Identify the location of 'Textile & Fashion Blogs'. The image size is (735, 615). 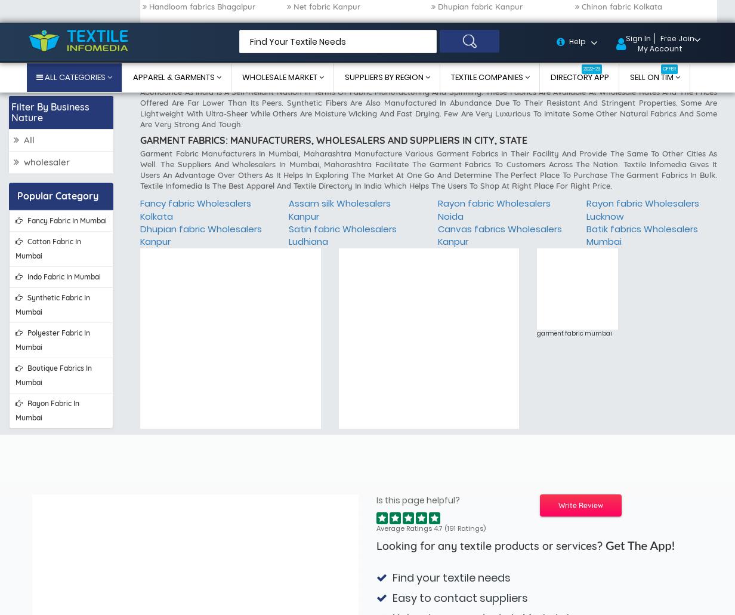
(562, 591).